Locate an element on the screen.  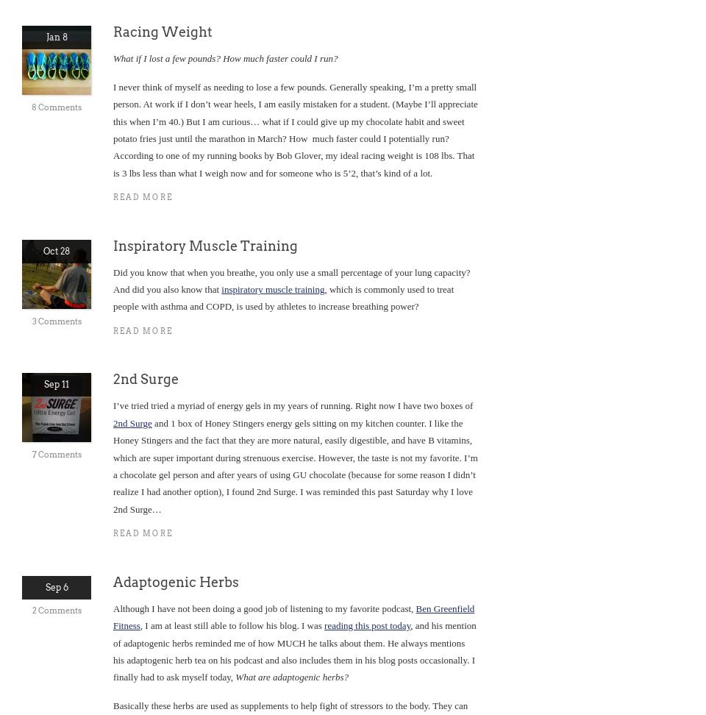
'8 Comments' is located at coordinates (56, 107).